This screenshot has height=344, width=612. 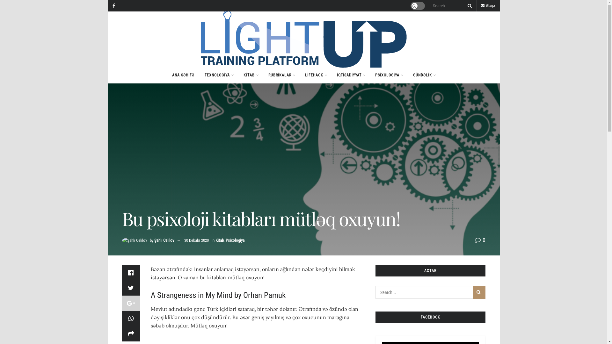 I want to click on 'Psixologiya', so click(x=226, y=240).